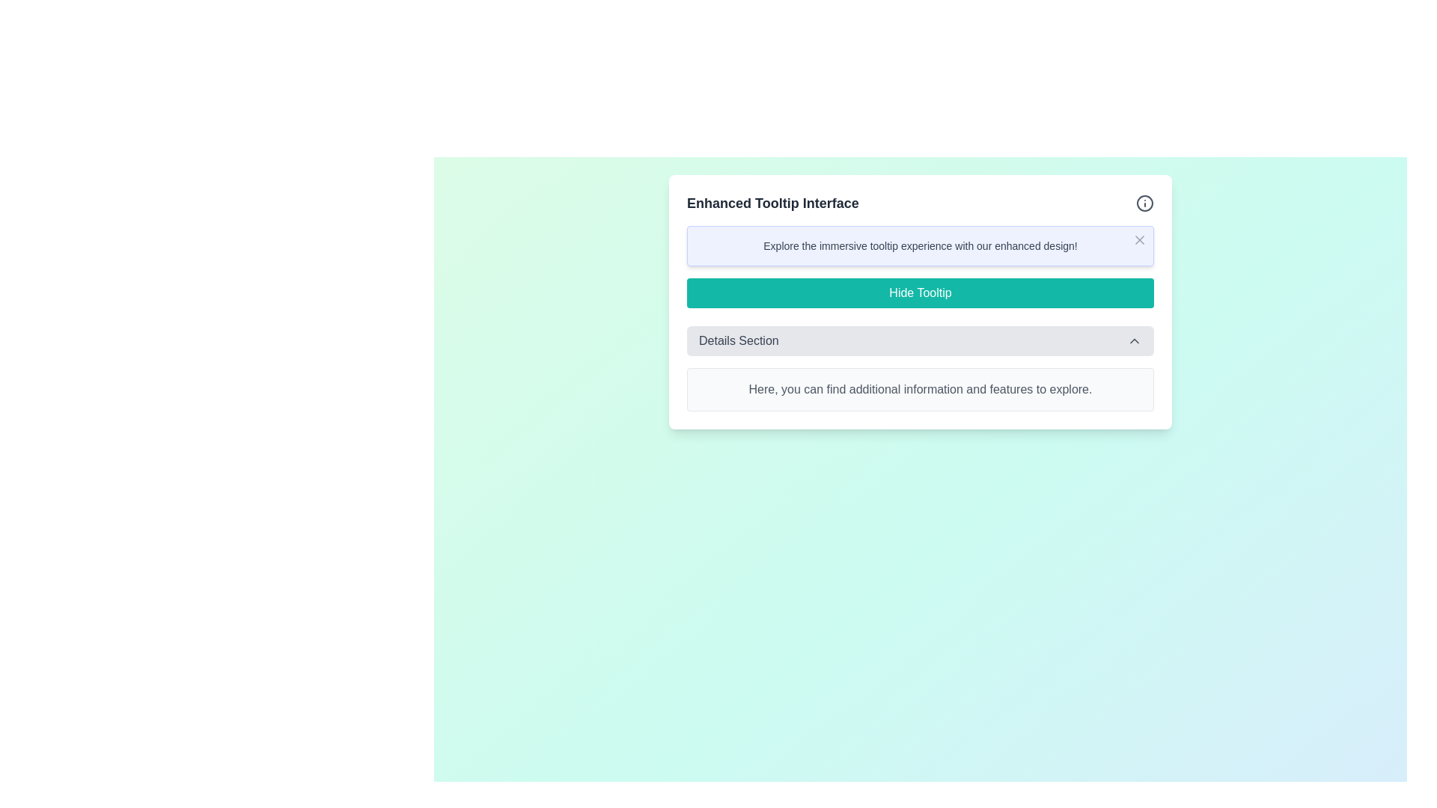  What do you see at coordinates (919, 245) in the screenshot?
I see `the static informational text element that is centrally placed within a rectangular box outlined with indigo borders, aligned horizontally near the top center of the interface` at bounding box center [919, 245].